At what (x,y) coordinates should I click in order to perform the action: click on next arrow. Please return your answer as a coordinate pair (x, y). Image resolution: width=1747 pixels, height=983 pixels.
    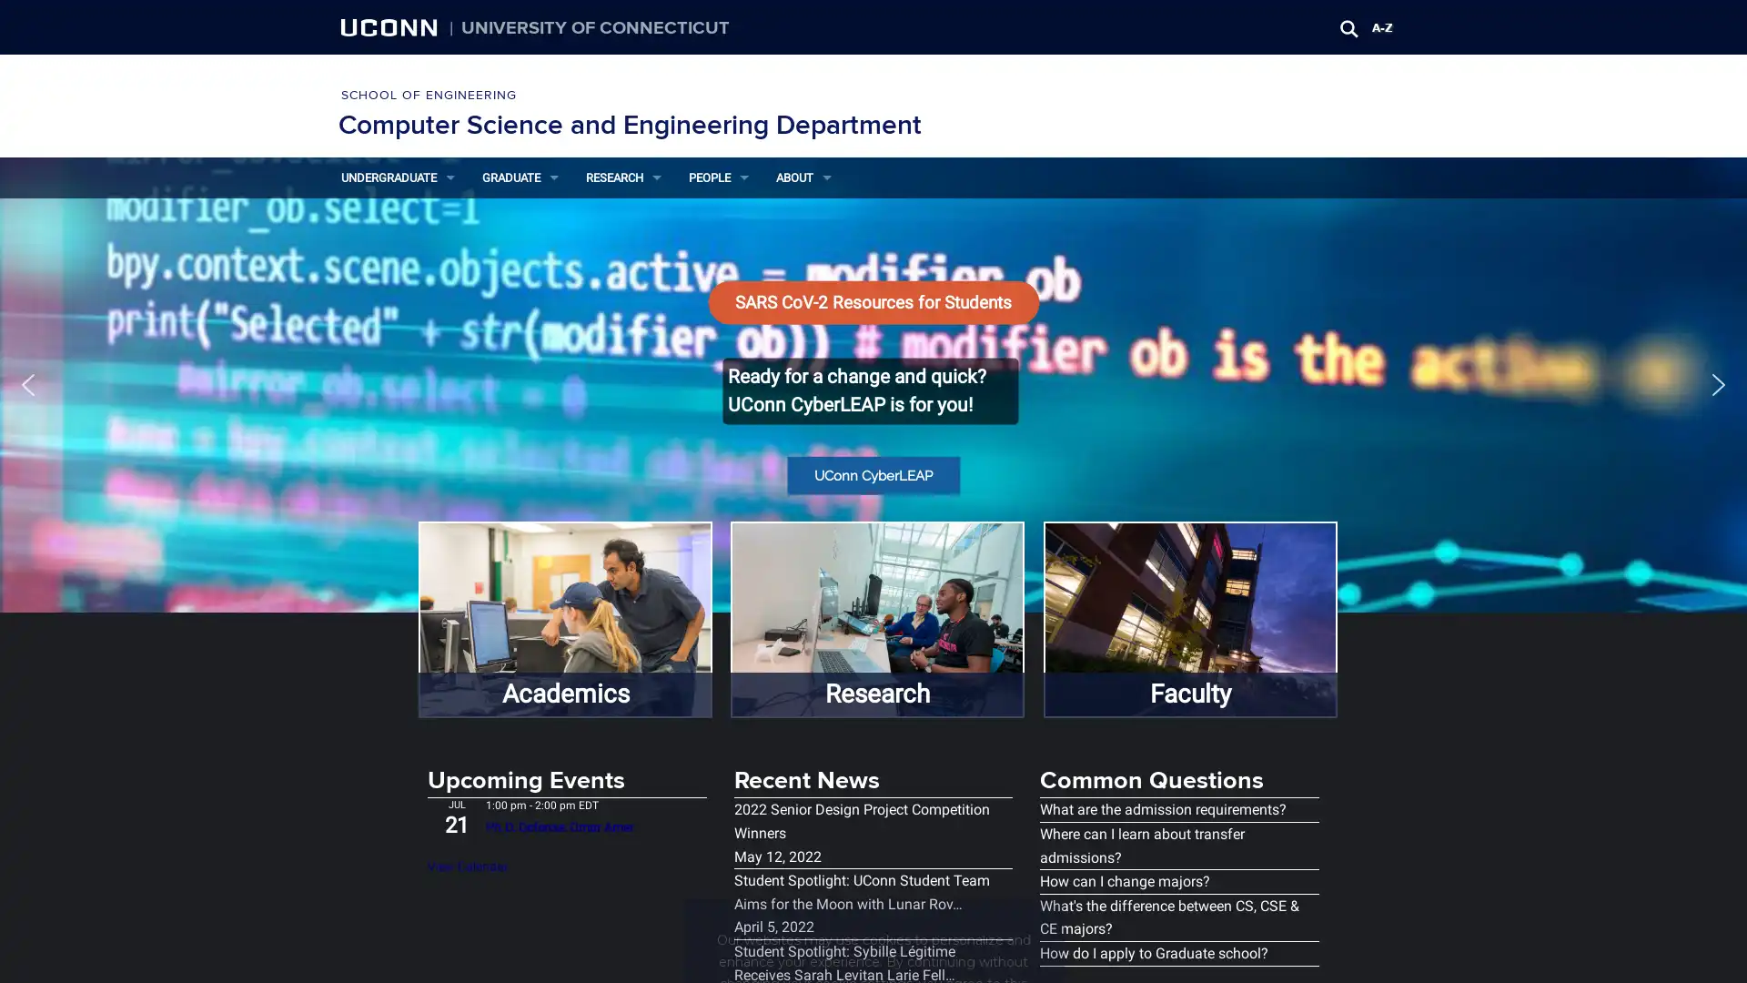
    Looking at the image, I should click on (1718, 382).